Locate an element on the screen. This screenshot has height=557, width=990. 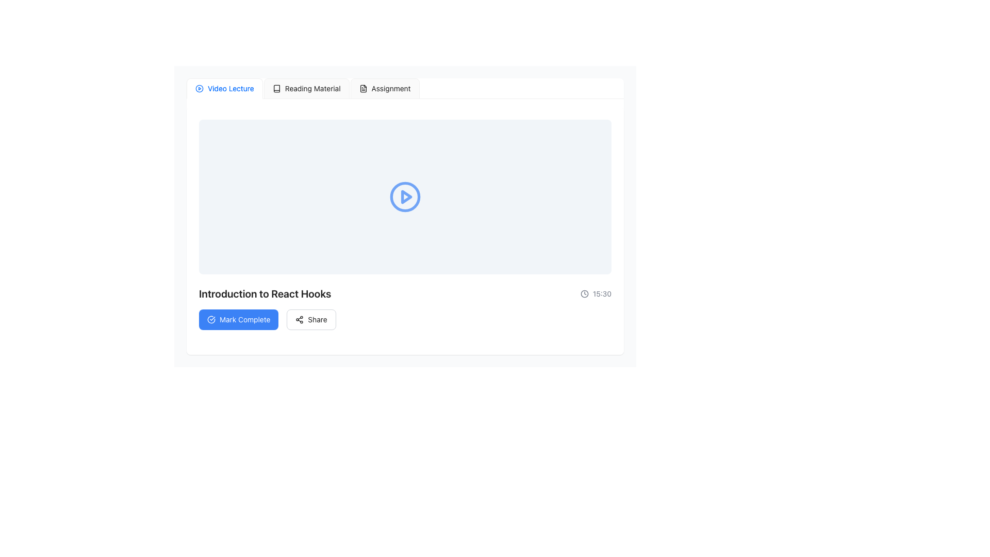
time text displayed next to the clock icon, which shows '15:30' is located at coordinates (596, 294).